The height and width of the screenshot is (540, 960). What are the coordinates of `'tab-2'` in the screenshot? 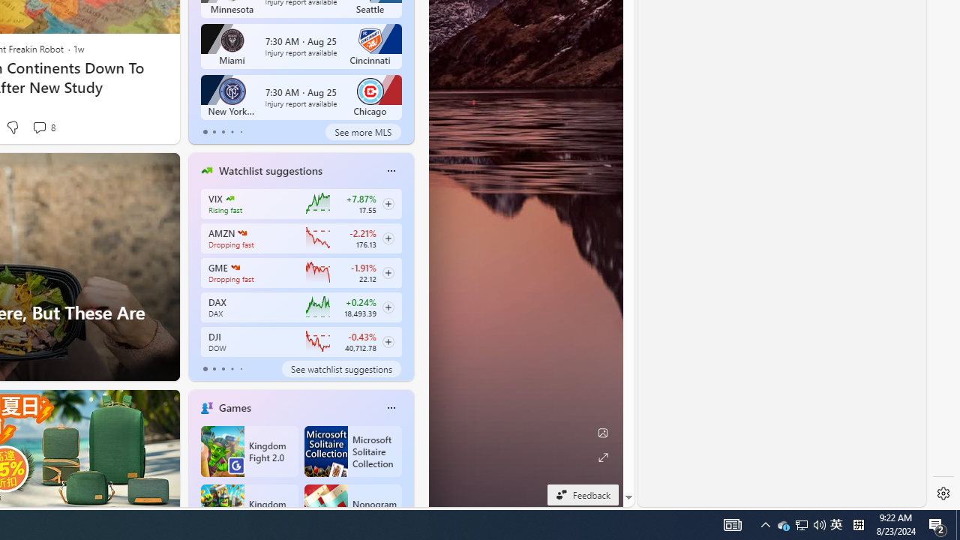 It's located at (222, 369).